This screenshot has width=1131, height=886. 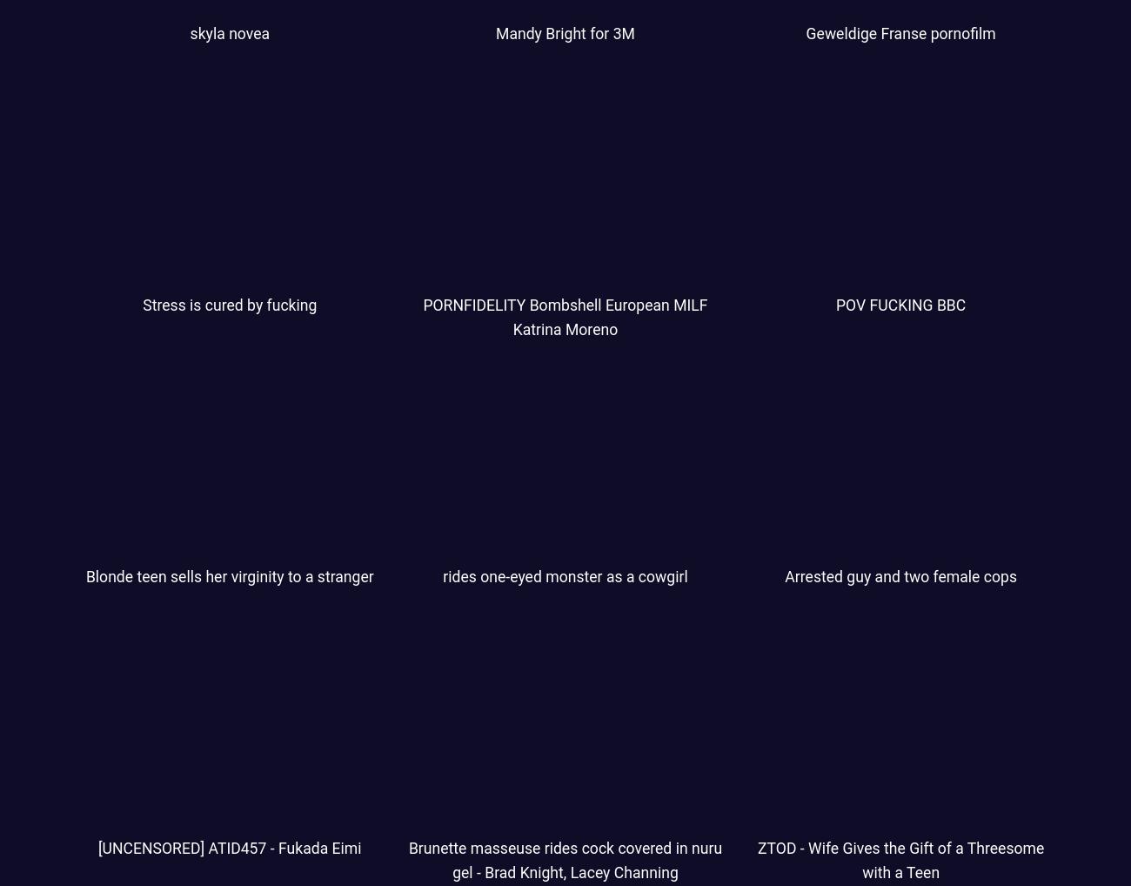 What do you see at coordinates (900, 32) in the screenshot?
I see `'Geweldige Franse pornofilm'` at bounding box center [900, 32].